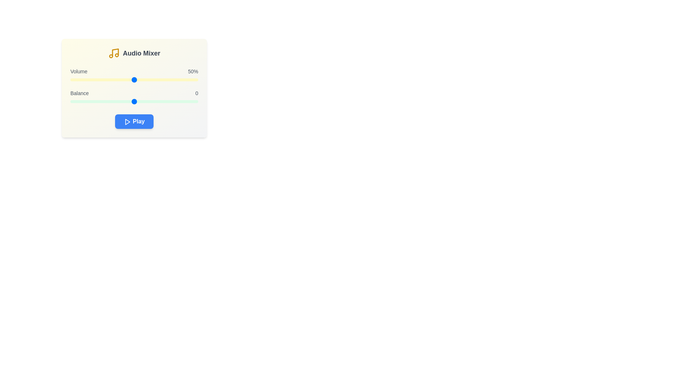 The width and height of the screenshot is (697, 392). What do you see at coordinates (84, 79) in the screenshot?
I see `the volume` at bounding box center [84, 79].